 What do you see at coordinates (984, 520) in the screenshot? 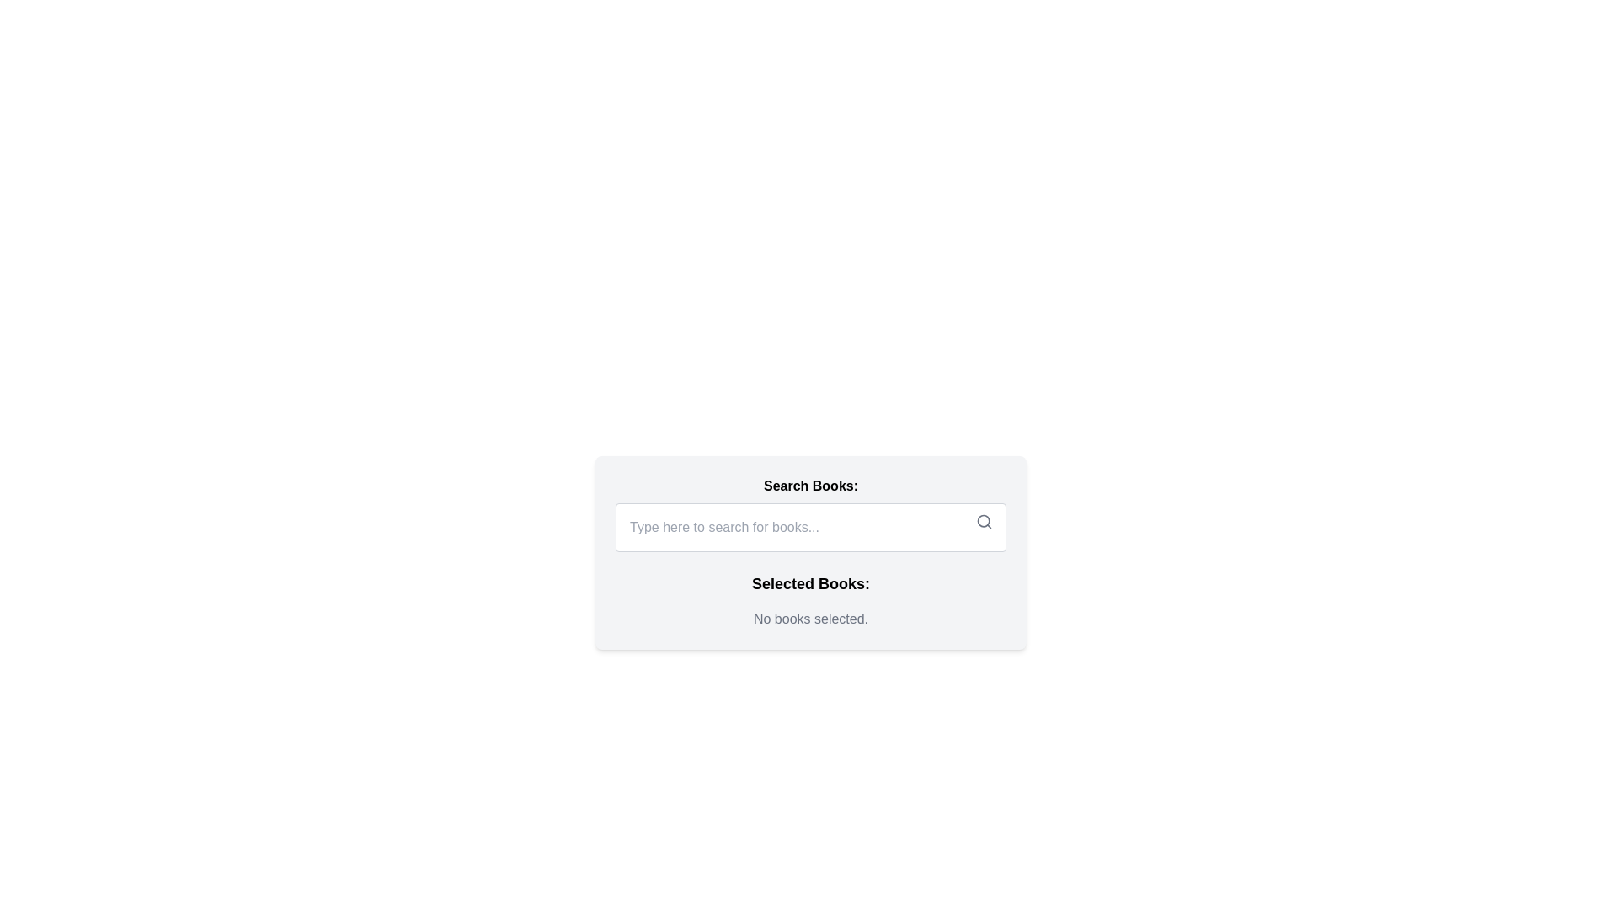
I see `the circular SVG shape that forms the lens of the magnifying glass in the search icon located at the right end of the 'Search Books' input field` at bounding box center [984, 520].